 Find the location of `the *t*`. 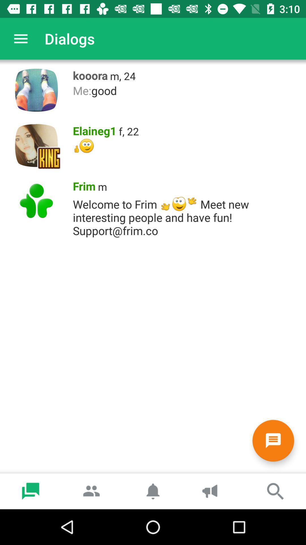

the *t* is located at coordinates (186, 146).